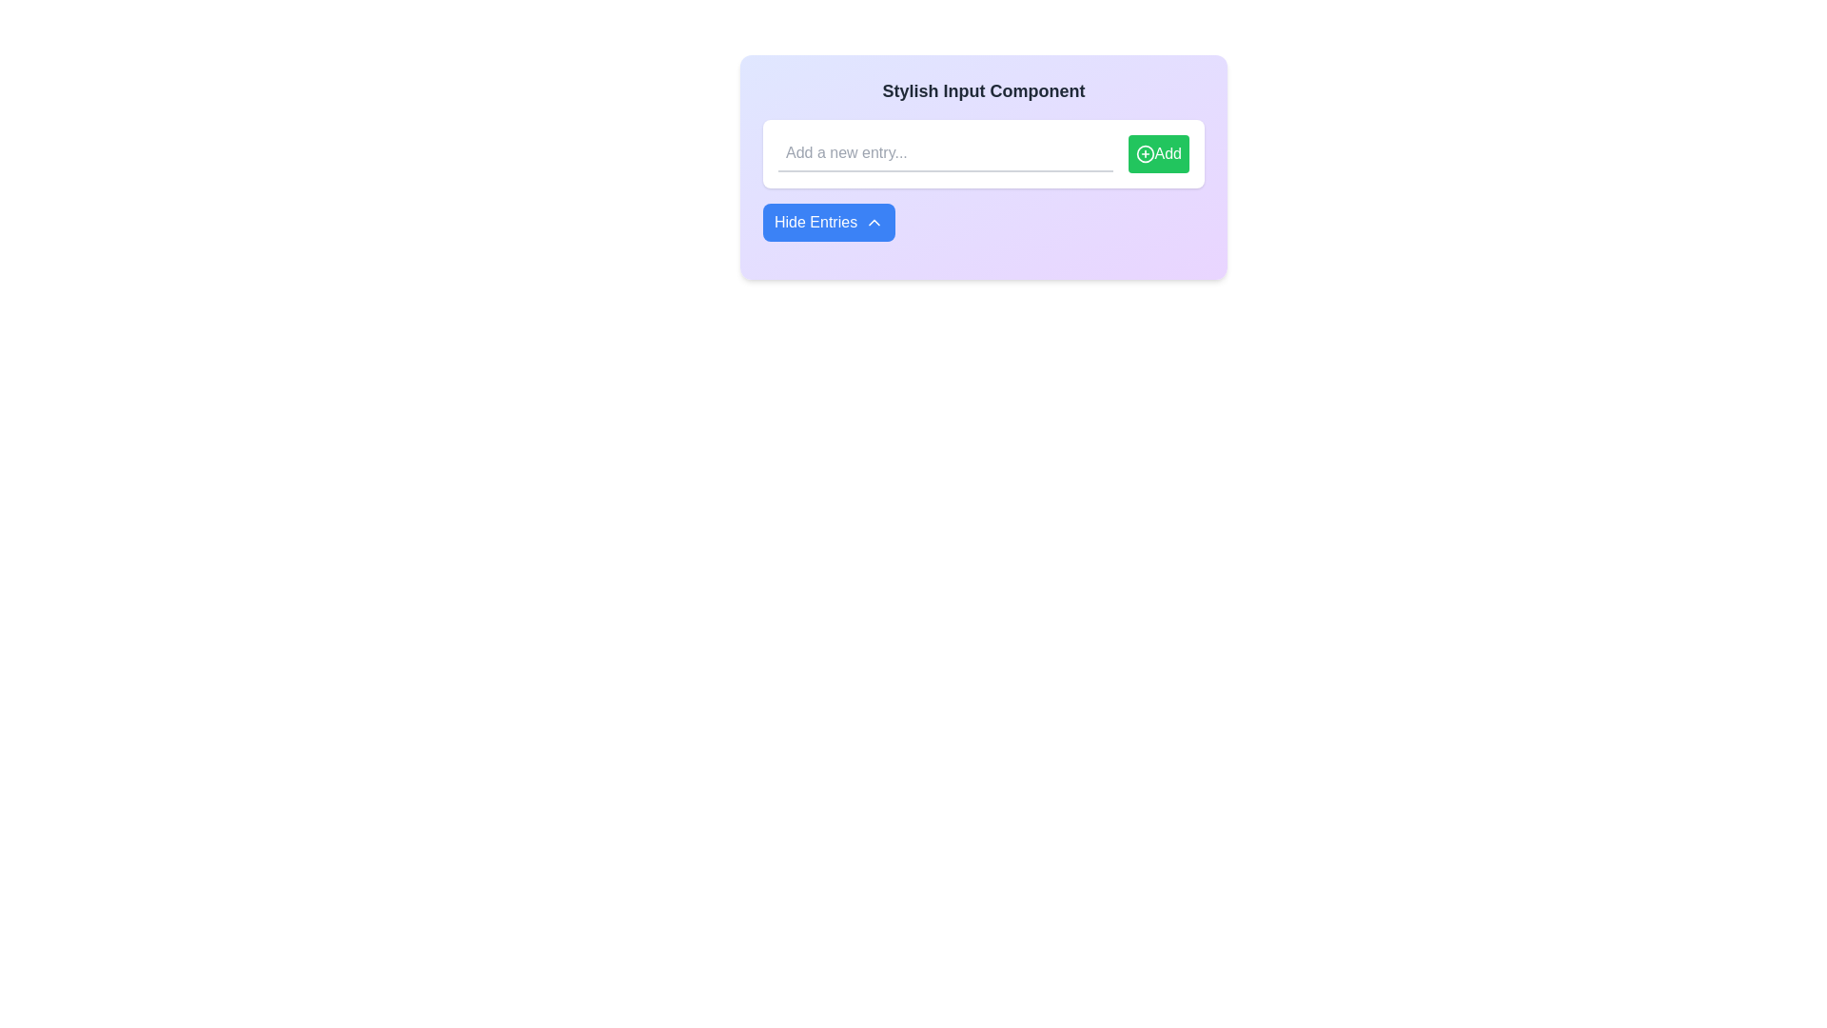 The width and height of the screenshot is (1827, 1028). What do you see at coordinates (874, 222) in the screenshot?
I see `the icon located to the right of the text within the 'Hide Entries' button to trigger a tooltip or hover effect` at bounding box center [874, 222].